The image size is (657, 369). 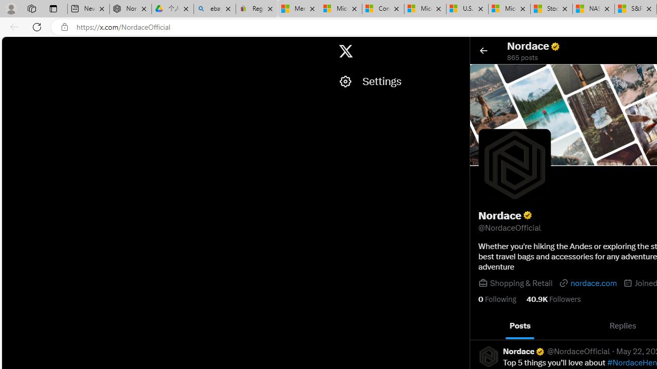 What do you see at coordinates (553, 299) in the screenshot?
I see `'40.9K Followers'` at bounding box center [553, 299].